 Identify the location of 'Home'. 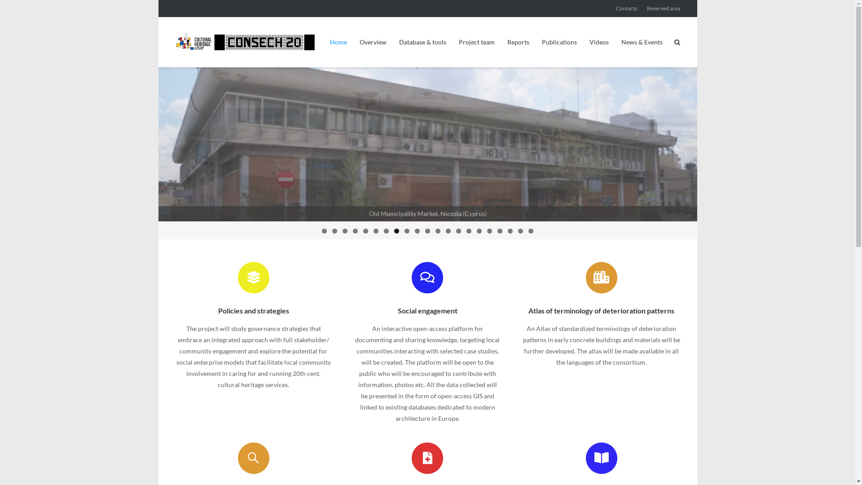
(338, 42).